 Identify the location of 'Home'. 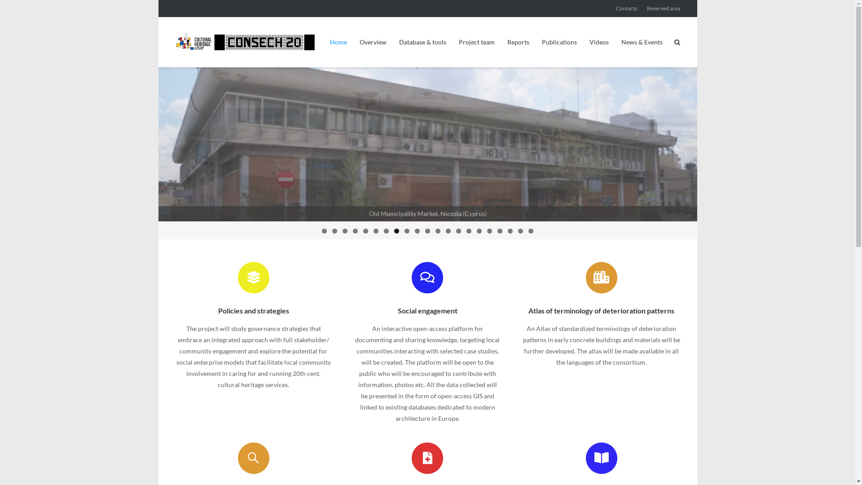
(338, 42).